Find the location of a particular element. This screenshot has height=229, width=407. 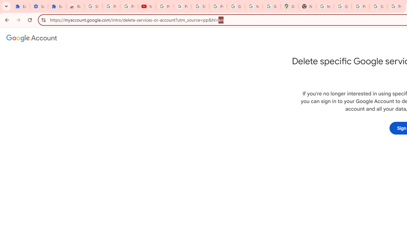

'Reviews: Helix Fruit Jump Arcade Game' is located at coordinates (75, 6).